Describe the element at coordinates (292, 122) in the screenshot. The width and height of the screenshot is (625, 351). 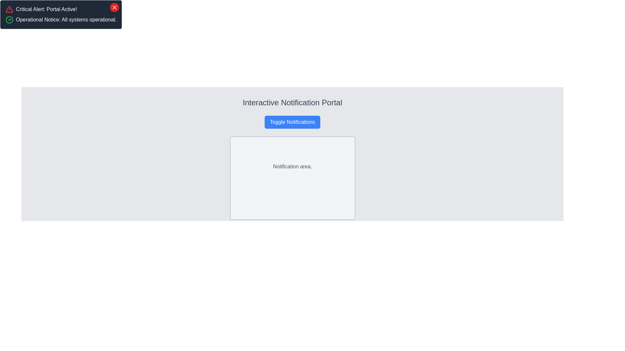
I see `the 'Toggle Notifications' button, which is a rounded rectangular button with a blue background and white text, located beneath the heading 'Interactive Notification Portal'` at that location.